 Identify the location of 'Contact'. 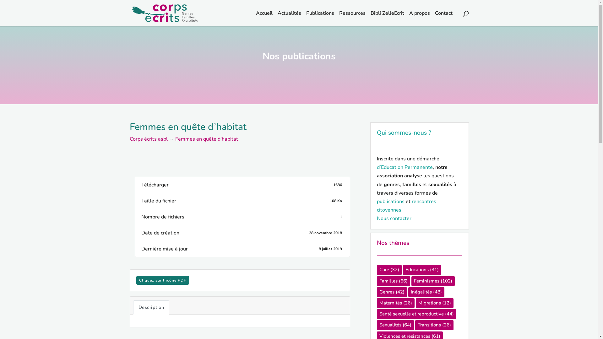
(443, 18).